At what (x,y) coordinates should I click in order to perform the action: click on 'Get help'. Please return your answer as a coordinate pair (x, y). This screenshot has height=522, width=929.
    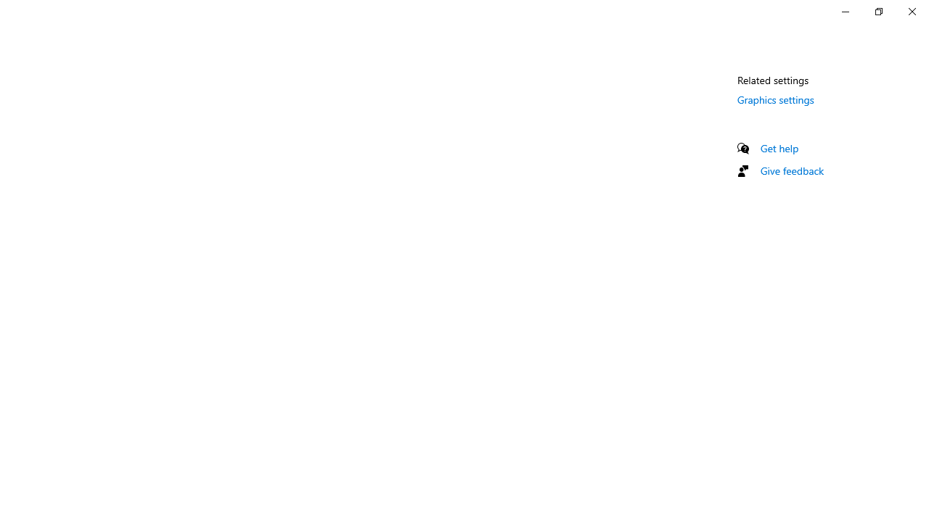
    Looking at the image, I should click on (779, 148).